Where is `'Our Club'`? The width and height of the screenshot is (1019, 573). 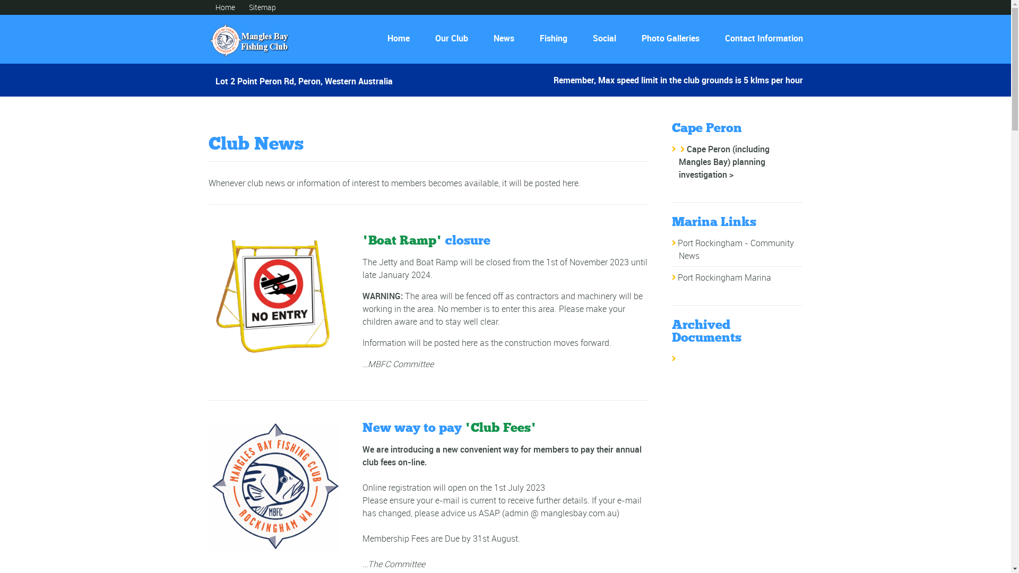
'Our Club' is located at coordinates (451, 38).